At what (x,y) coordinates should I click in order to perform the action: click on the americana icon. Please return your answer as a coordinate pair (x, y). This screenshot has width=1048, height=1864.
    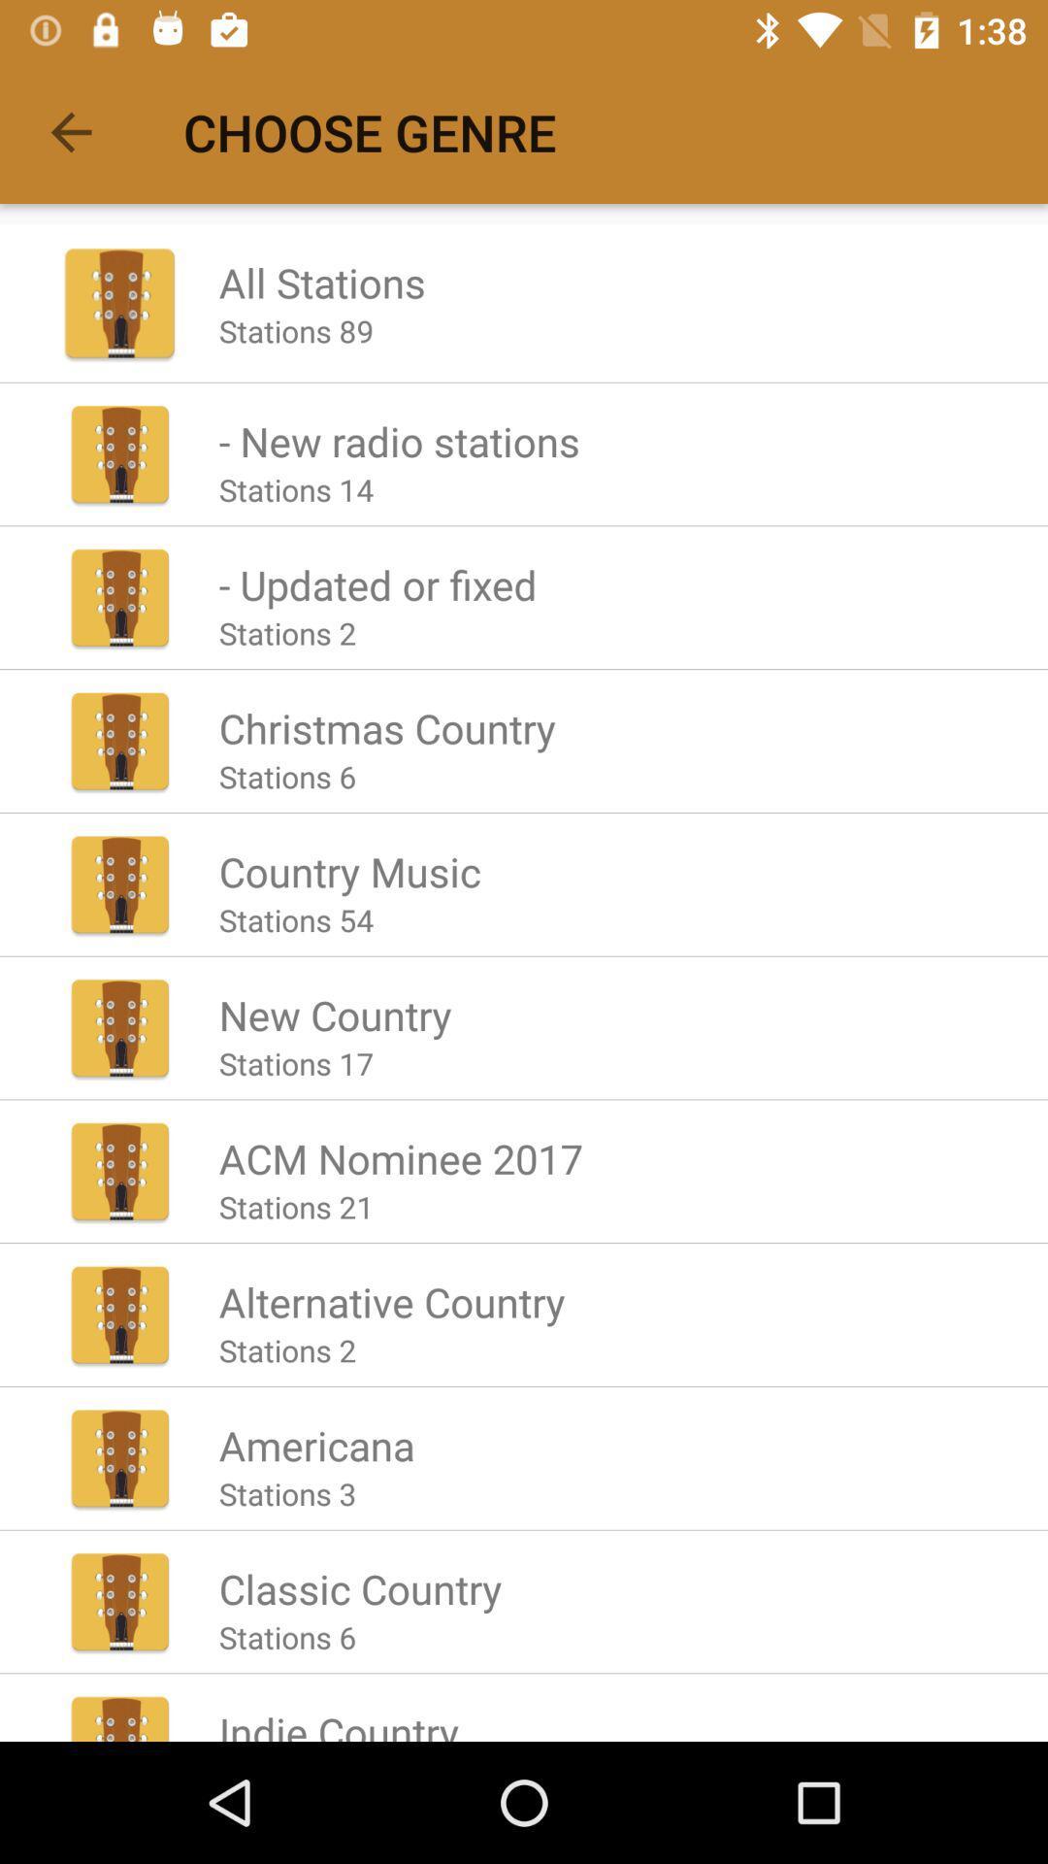
    Looking at the image, I should click on (315, 1445).